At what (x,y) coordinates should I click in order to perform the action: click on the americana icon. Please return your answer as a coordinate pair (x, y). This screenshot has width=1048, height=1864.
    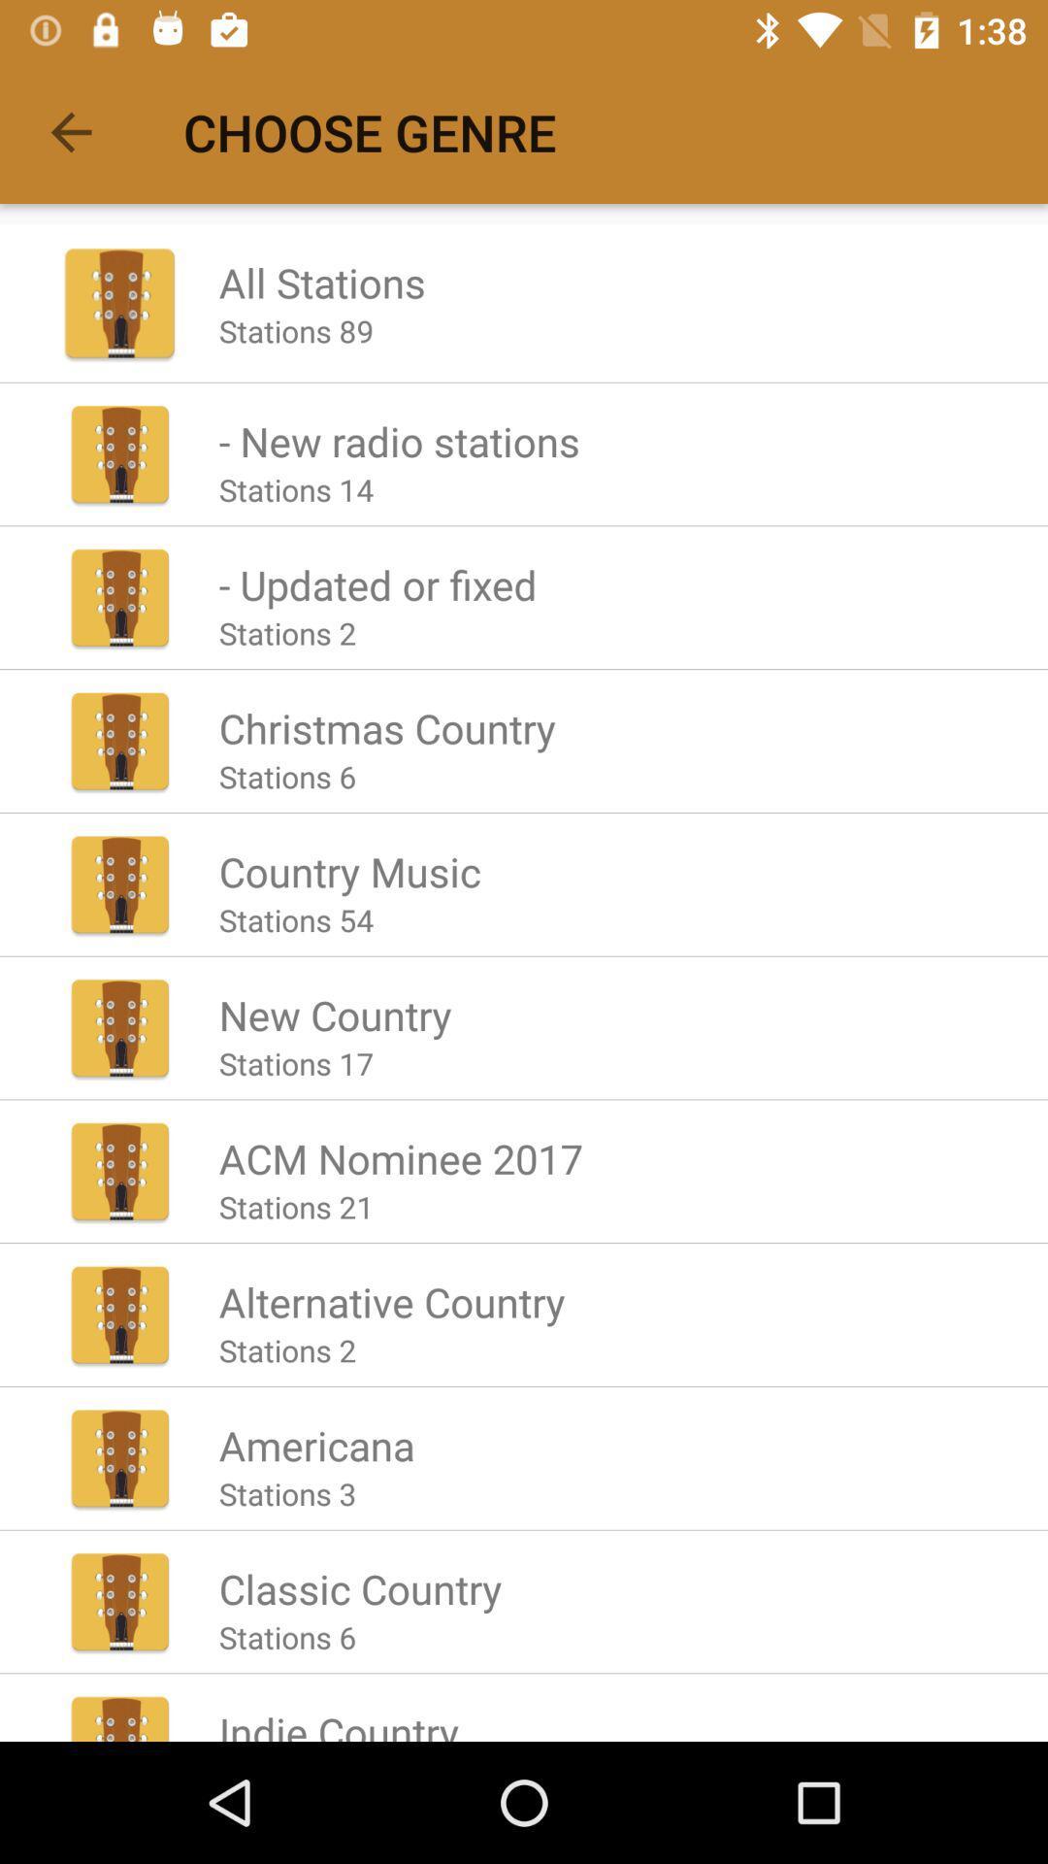
    Looking at the image, I should click on (315, 1445).